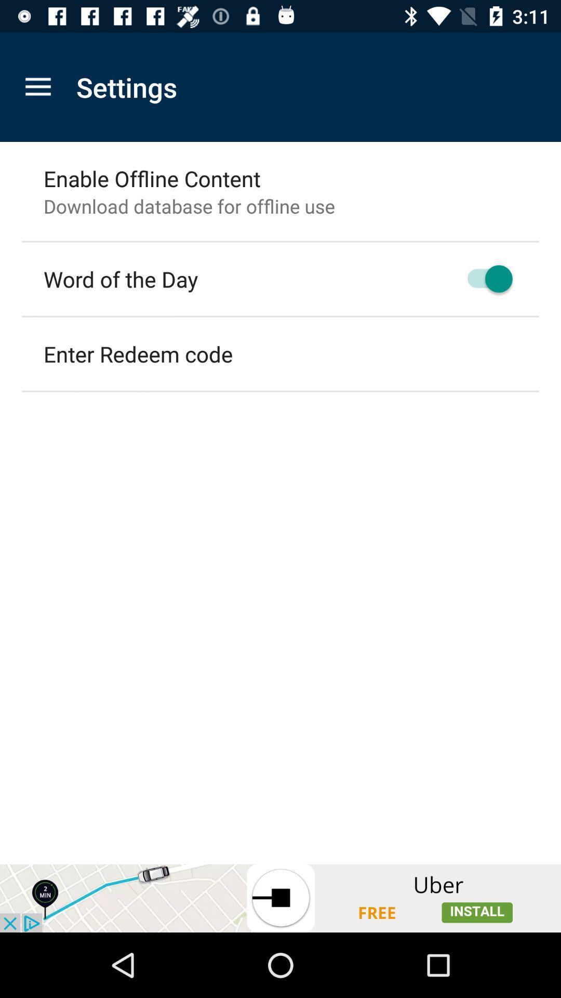  Describe the element at coordinates (280, 898) in the screenshot. I see `open the advertisement link` at that location.